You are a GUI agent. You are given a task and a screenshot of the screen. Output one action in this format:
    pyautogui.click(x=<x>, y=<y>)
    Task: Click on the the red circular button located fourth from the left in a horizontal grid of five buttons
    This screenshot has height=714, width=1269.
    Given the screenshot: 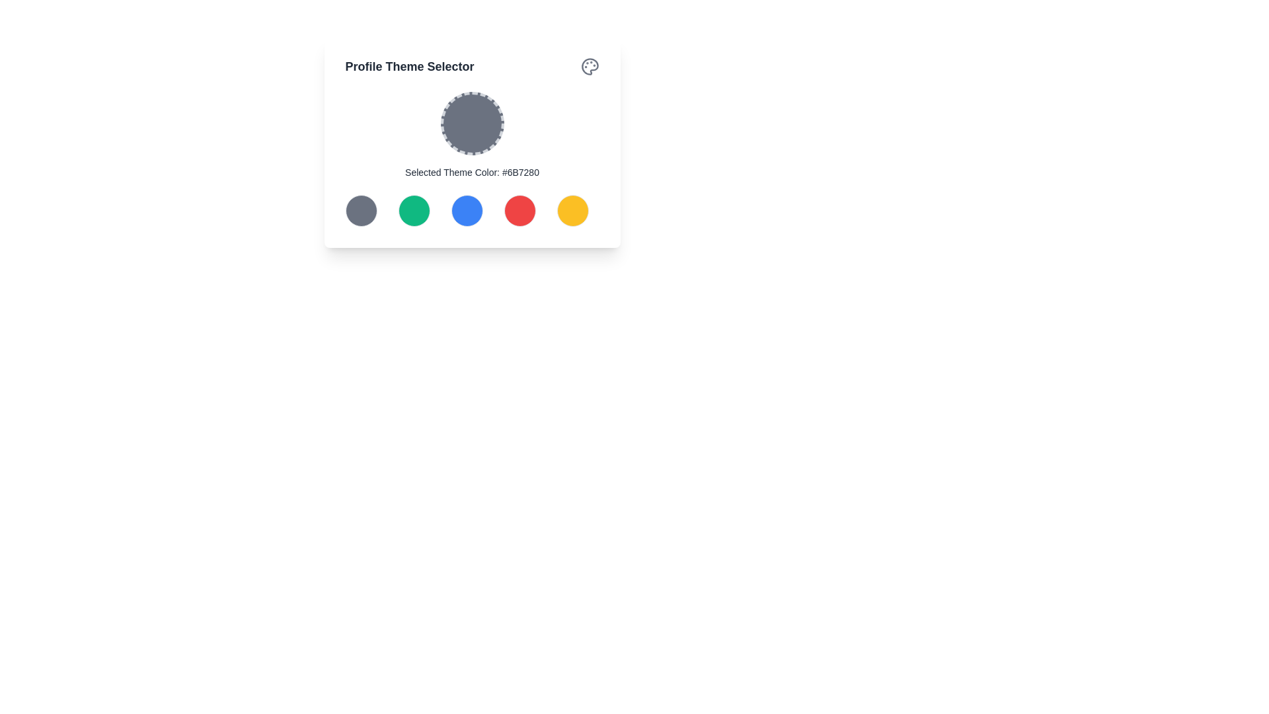 What is the action you would take?
    pyautogui.click(x=519, y=210)
    